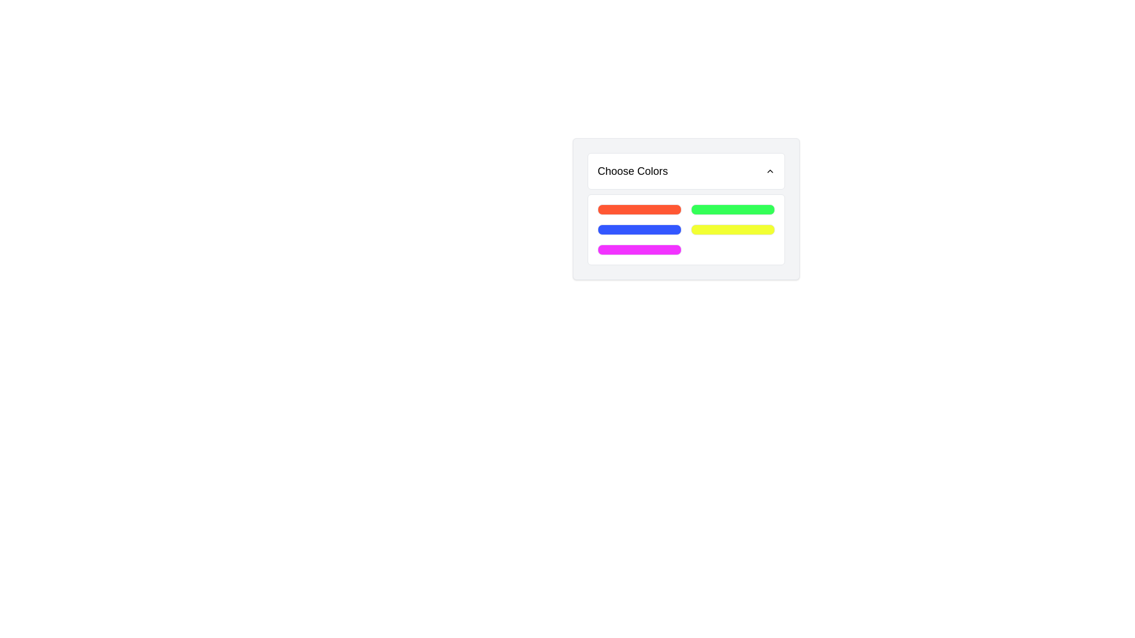 The image size is (1135, 638). I want to click on the decorative or interactive rectangle located in the bottom-left corner of the 2x4 grid, which serves as a selectable item for color choices, so click(638, 249).